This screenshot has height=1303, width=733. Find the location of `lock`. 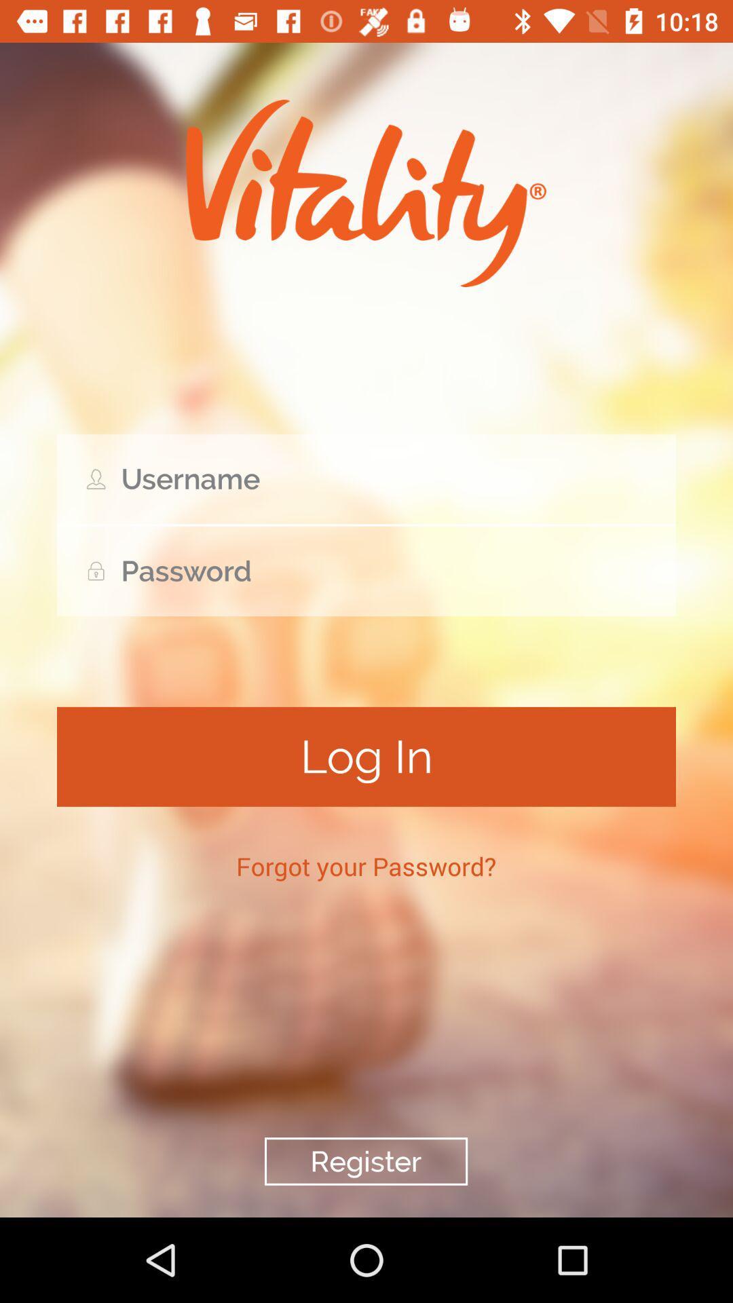

lock is located at coordinates (366, 571).